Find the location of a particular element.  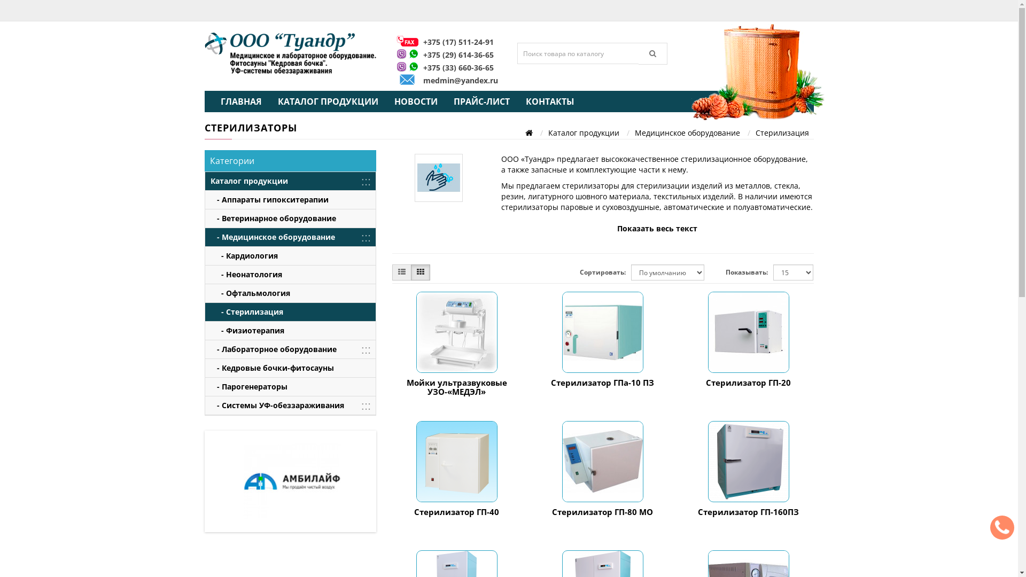

'+375 (29) 614-36-65' is located at coordinates (458, 54).